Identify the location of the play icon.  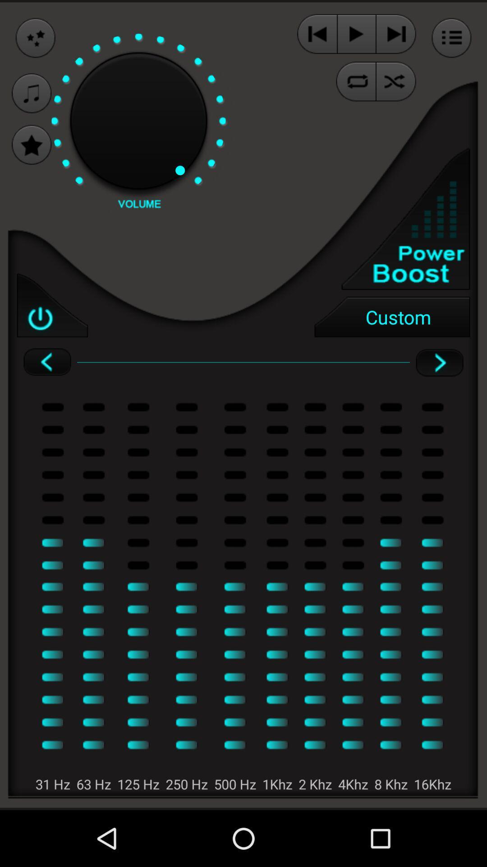
(356, 36).